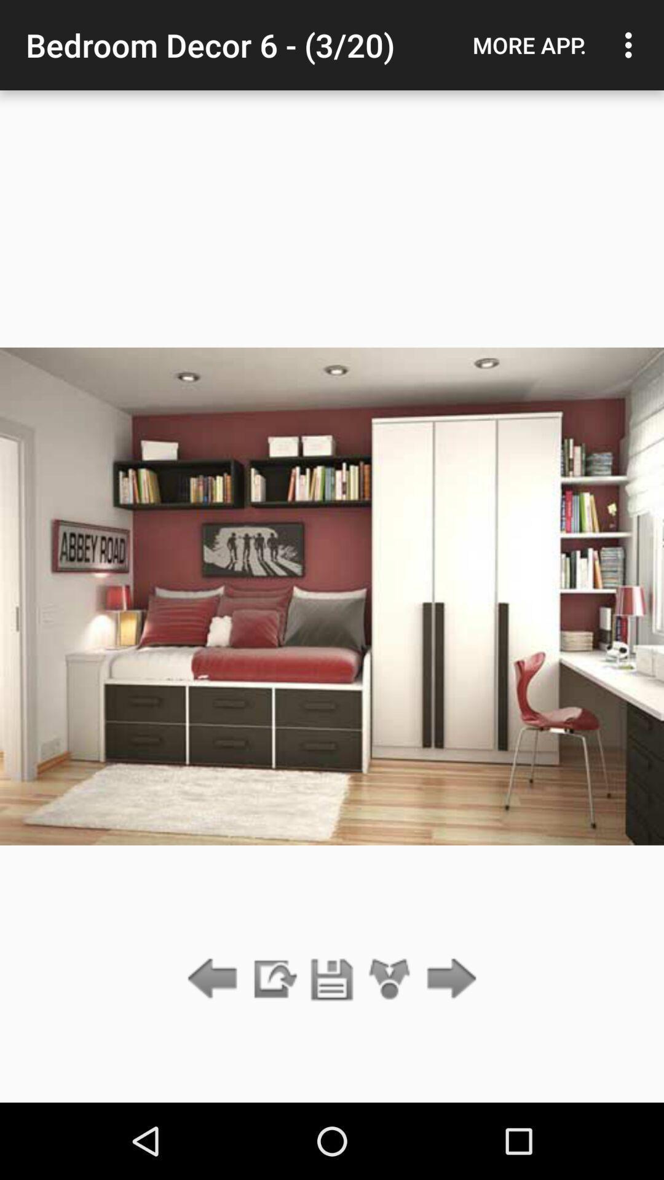 This screenshot has width=664, height=1180. I want to click on icon at the bottom right corner, so click(448, 979).